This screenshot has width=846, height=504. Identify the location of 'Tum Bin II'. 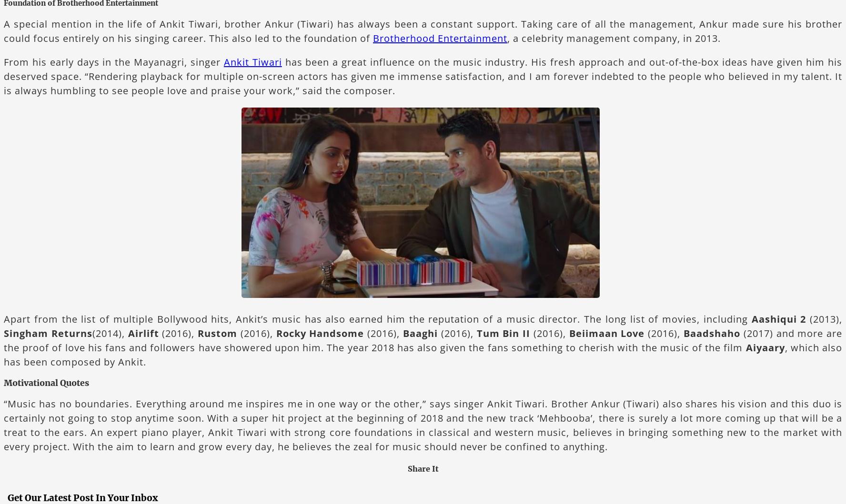
(504, 333).